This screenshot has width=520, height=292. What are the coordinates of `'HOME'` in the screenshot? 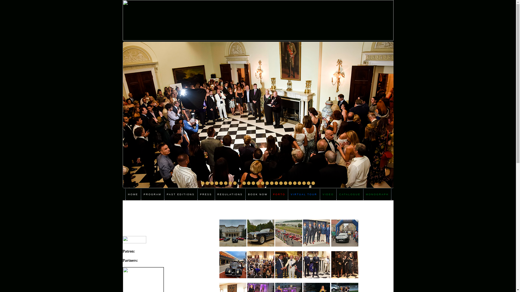 It's located at (133, 194).